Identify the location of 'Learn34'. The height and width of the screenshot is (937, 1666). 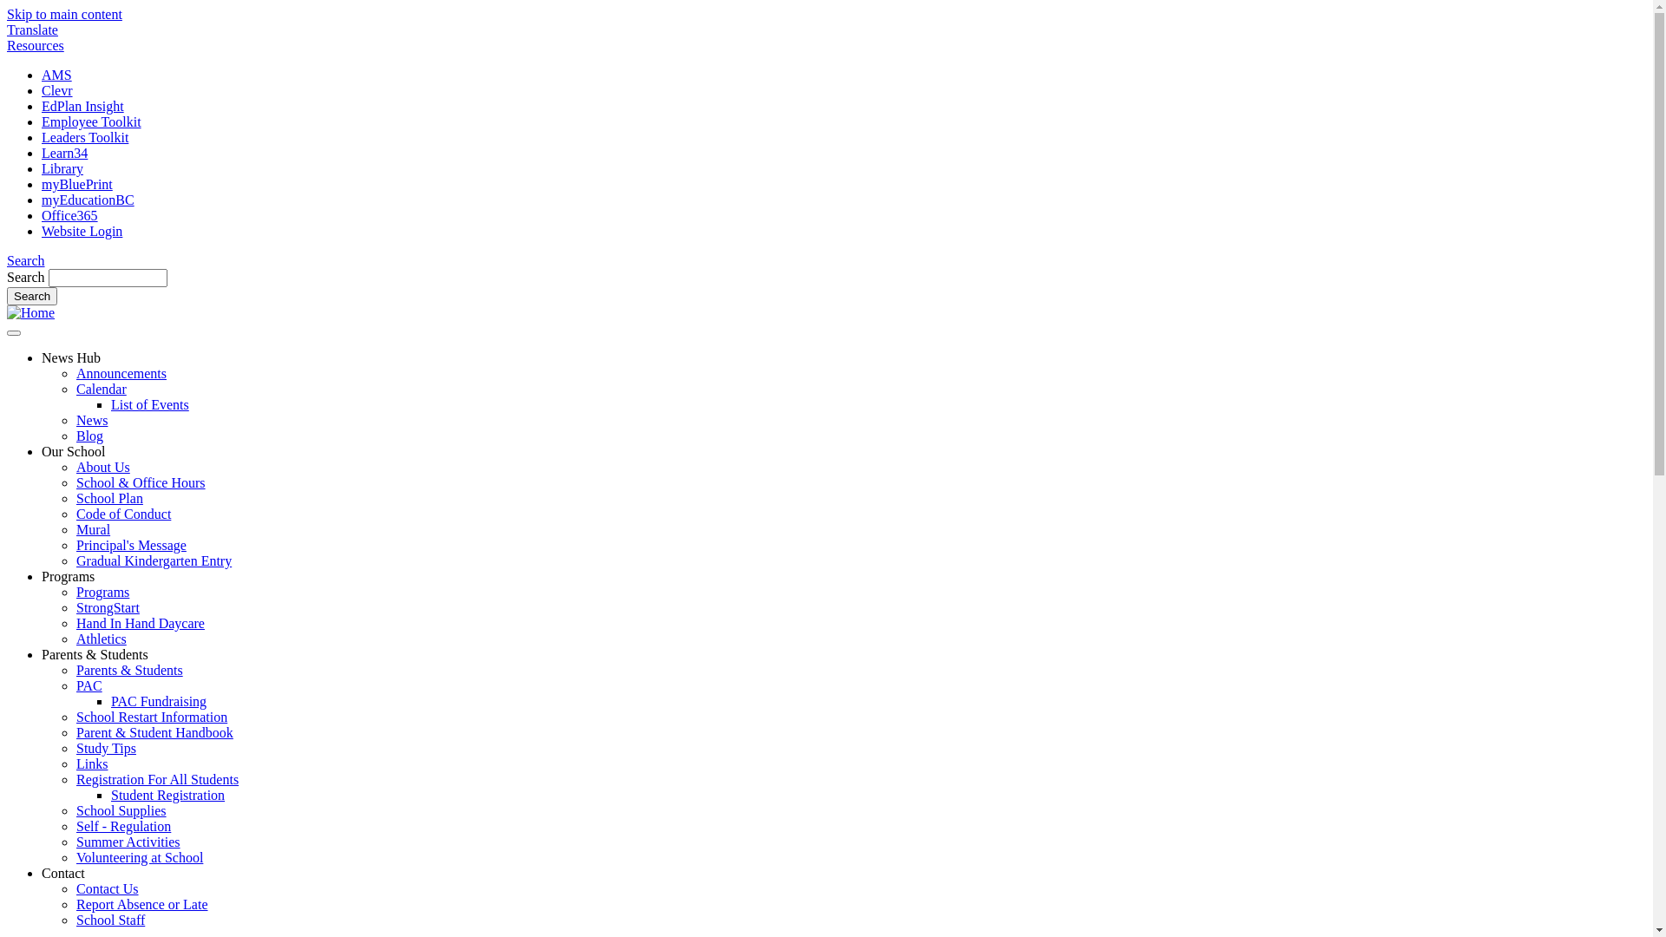
(64, 152).